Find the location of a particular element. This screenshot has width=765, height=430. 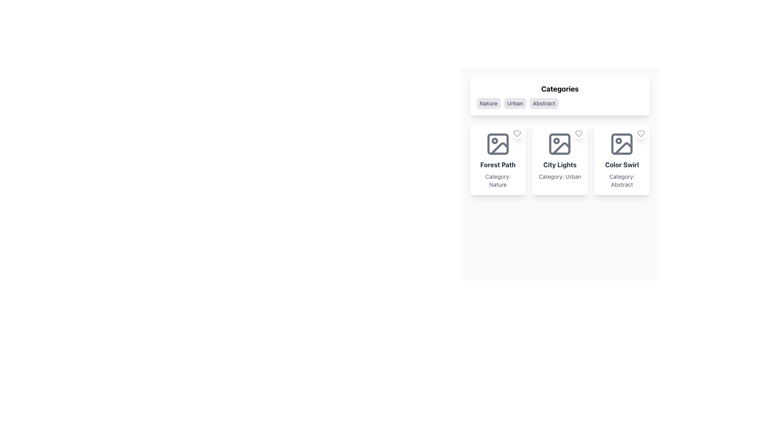

the first category card in the grid display, which is positioned at the coordinates provided is located at coordinates (497, 160).